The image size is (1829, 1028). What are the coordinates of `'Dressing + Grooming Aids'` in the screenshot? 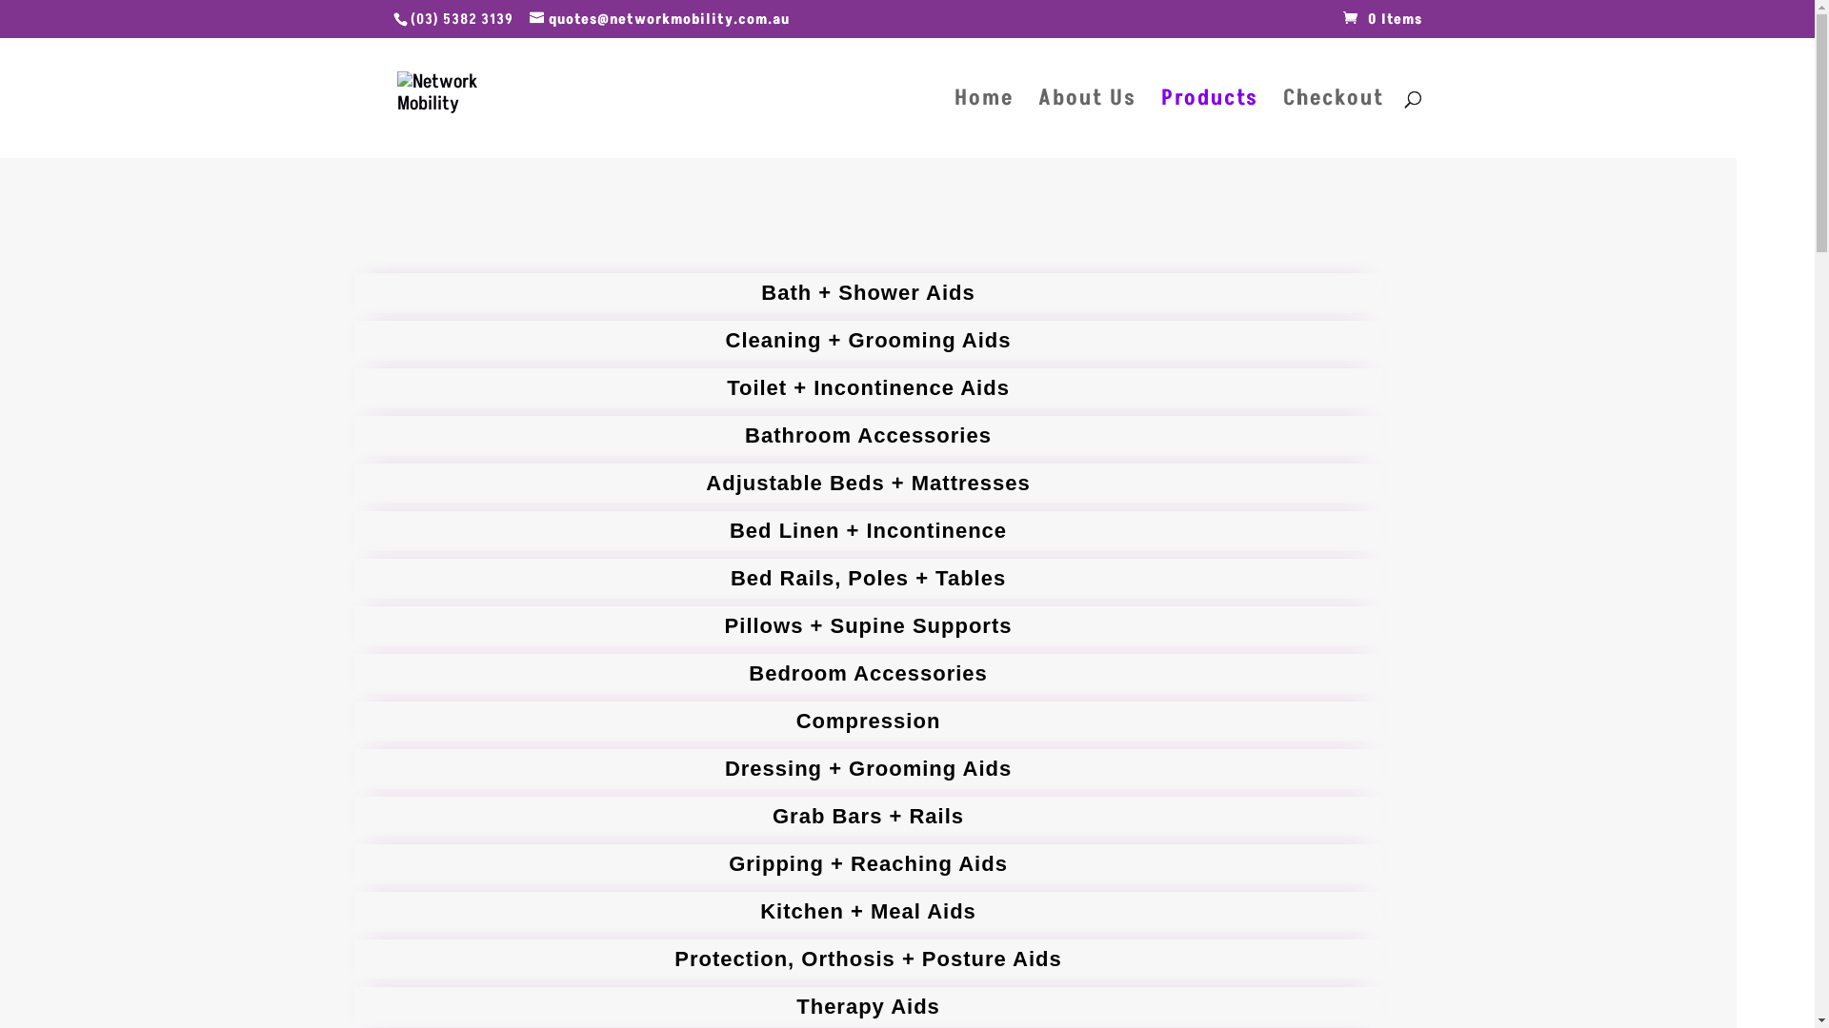 It's located at (868, 767).